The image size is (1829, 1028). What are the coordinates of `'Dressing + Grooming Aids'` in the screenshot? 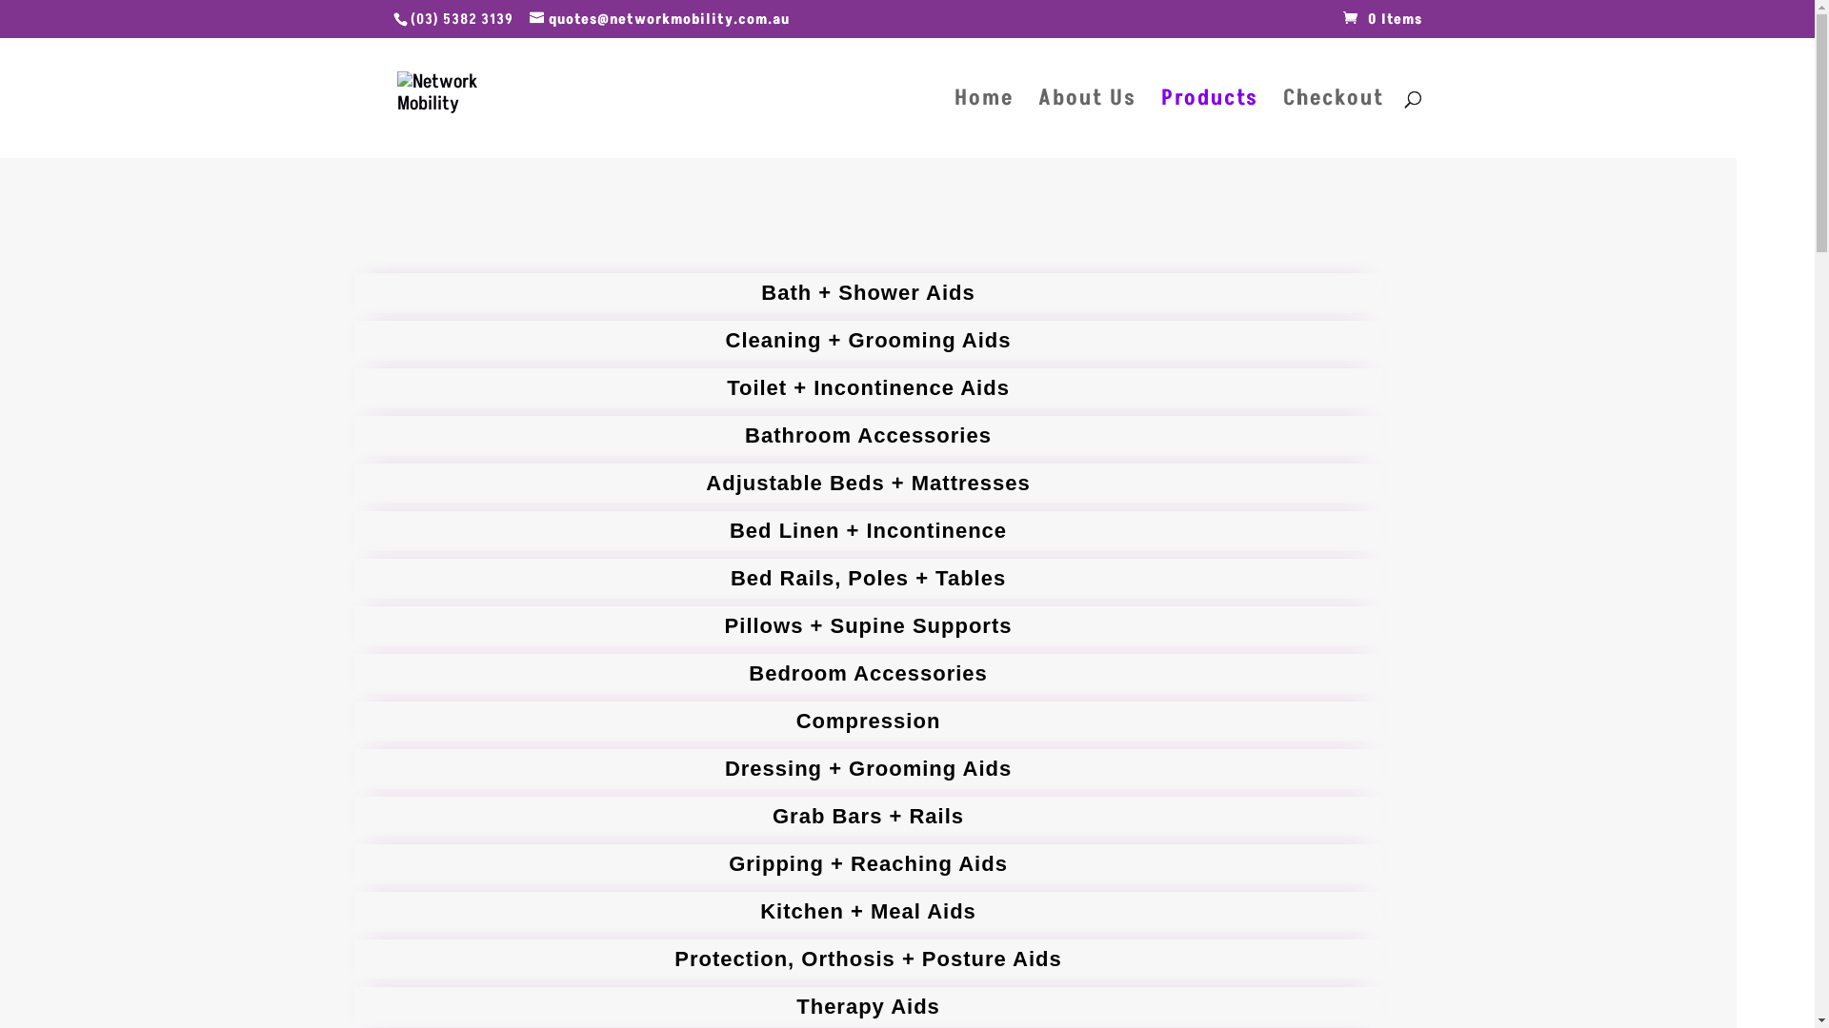 It's located at (868, 767).